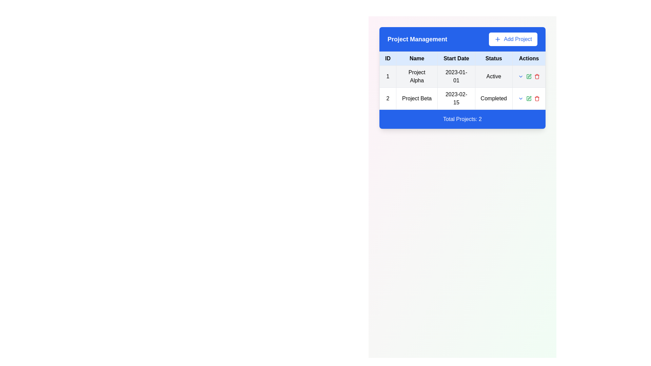 The height and width of the screenshot is (366, 651). What do you see at coordinates (416, 98) in the screenshot?
I see `the text display element showing 'Project Beta' located in the second row and second column of the grid under the 'Name' column` at bounding box center [416, 98].